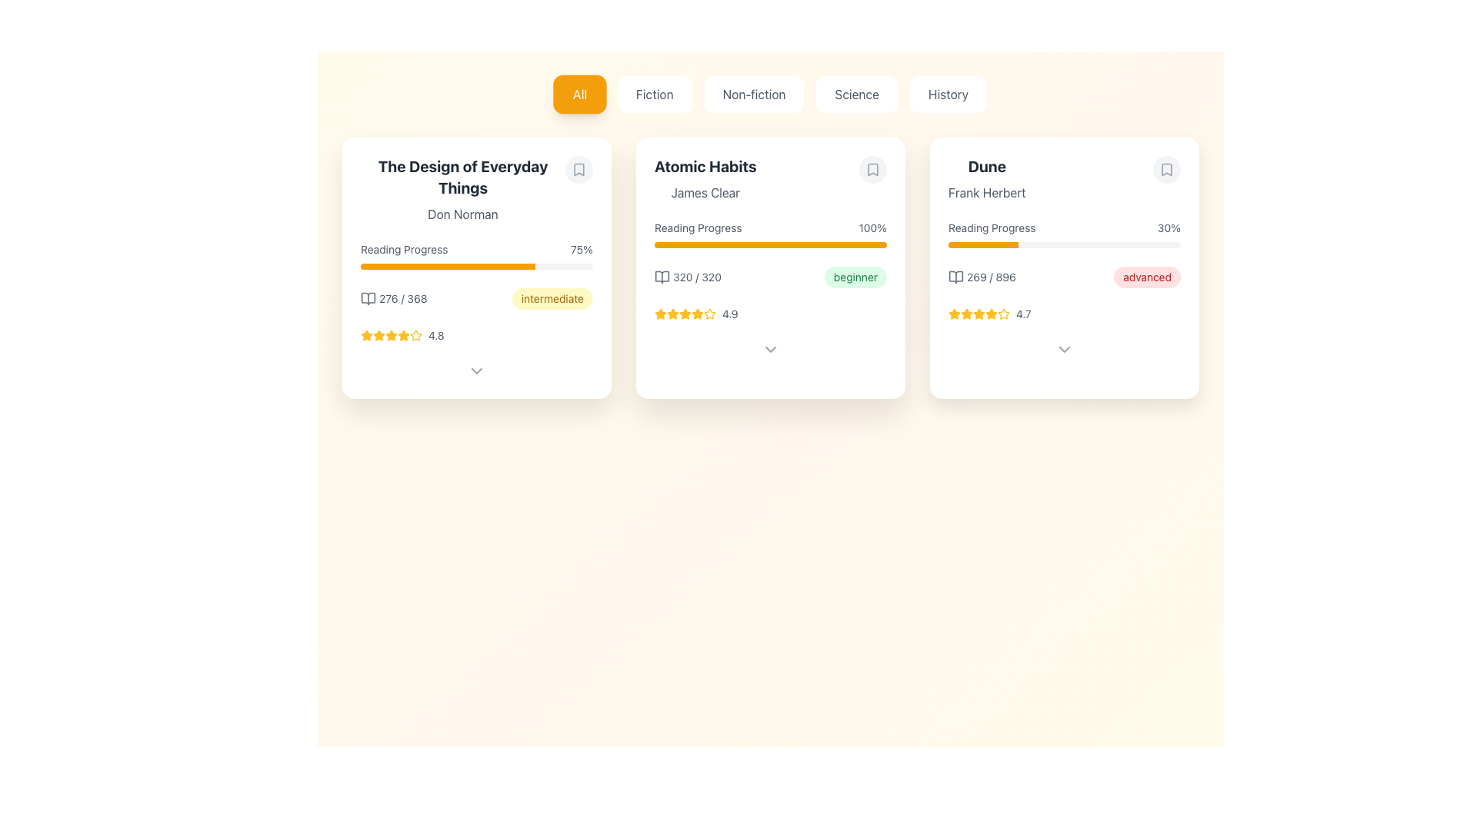 This screenshot has width=1477, height=830. I want to click on the reading progress, so click(962, 244).